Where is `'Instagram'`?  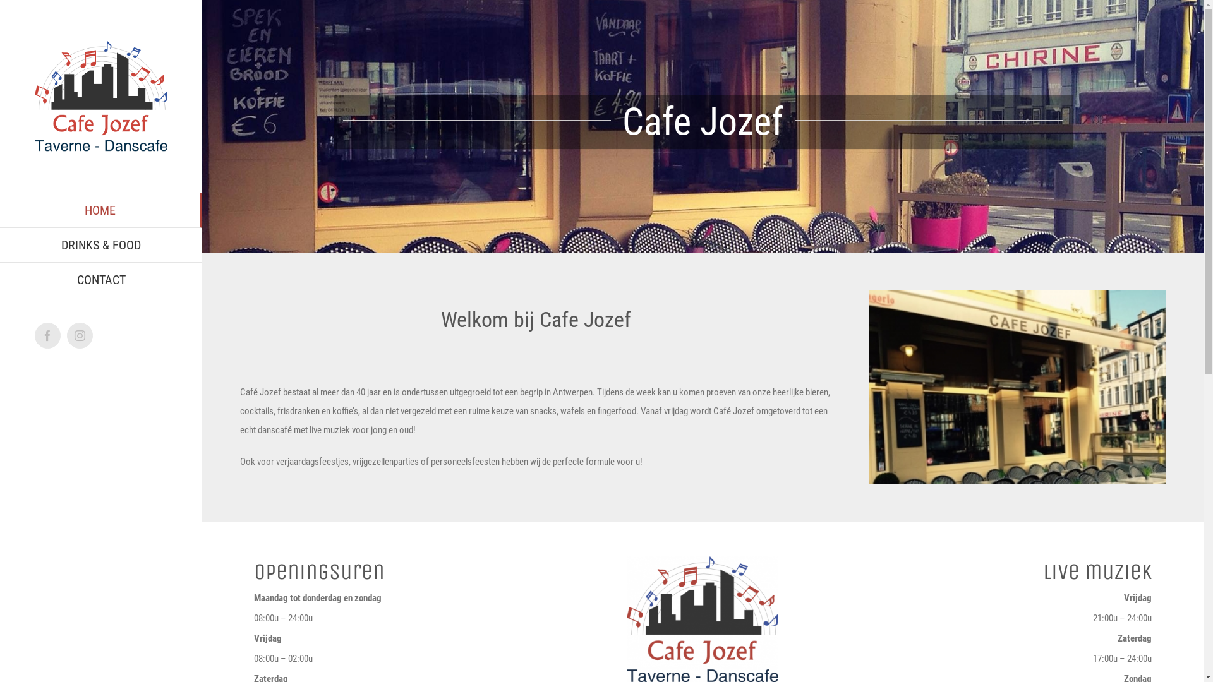
'Instagram' is located at coordinates (79, 335).